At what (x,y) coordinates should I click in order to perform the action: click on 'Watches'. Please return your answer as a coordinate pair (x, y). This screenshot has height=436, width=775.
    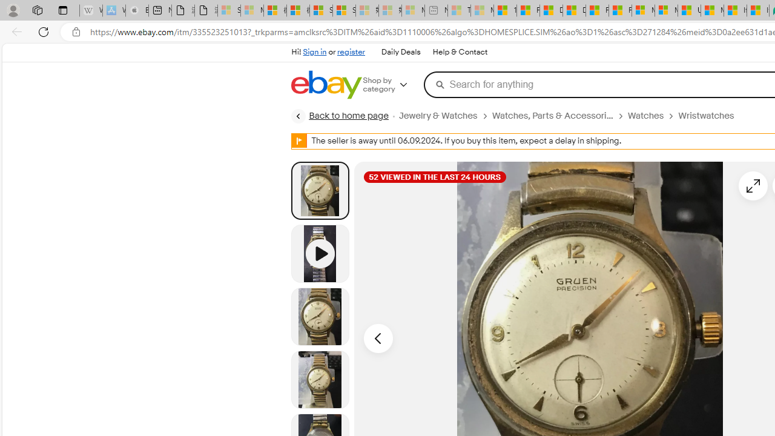
    Looking at the image, I should click on (652, 116).